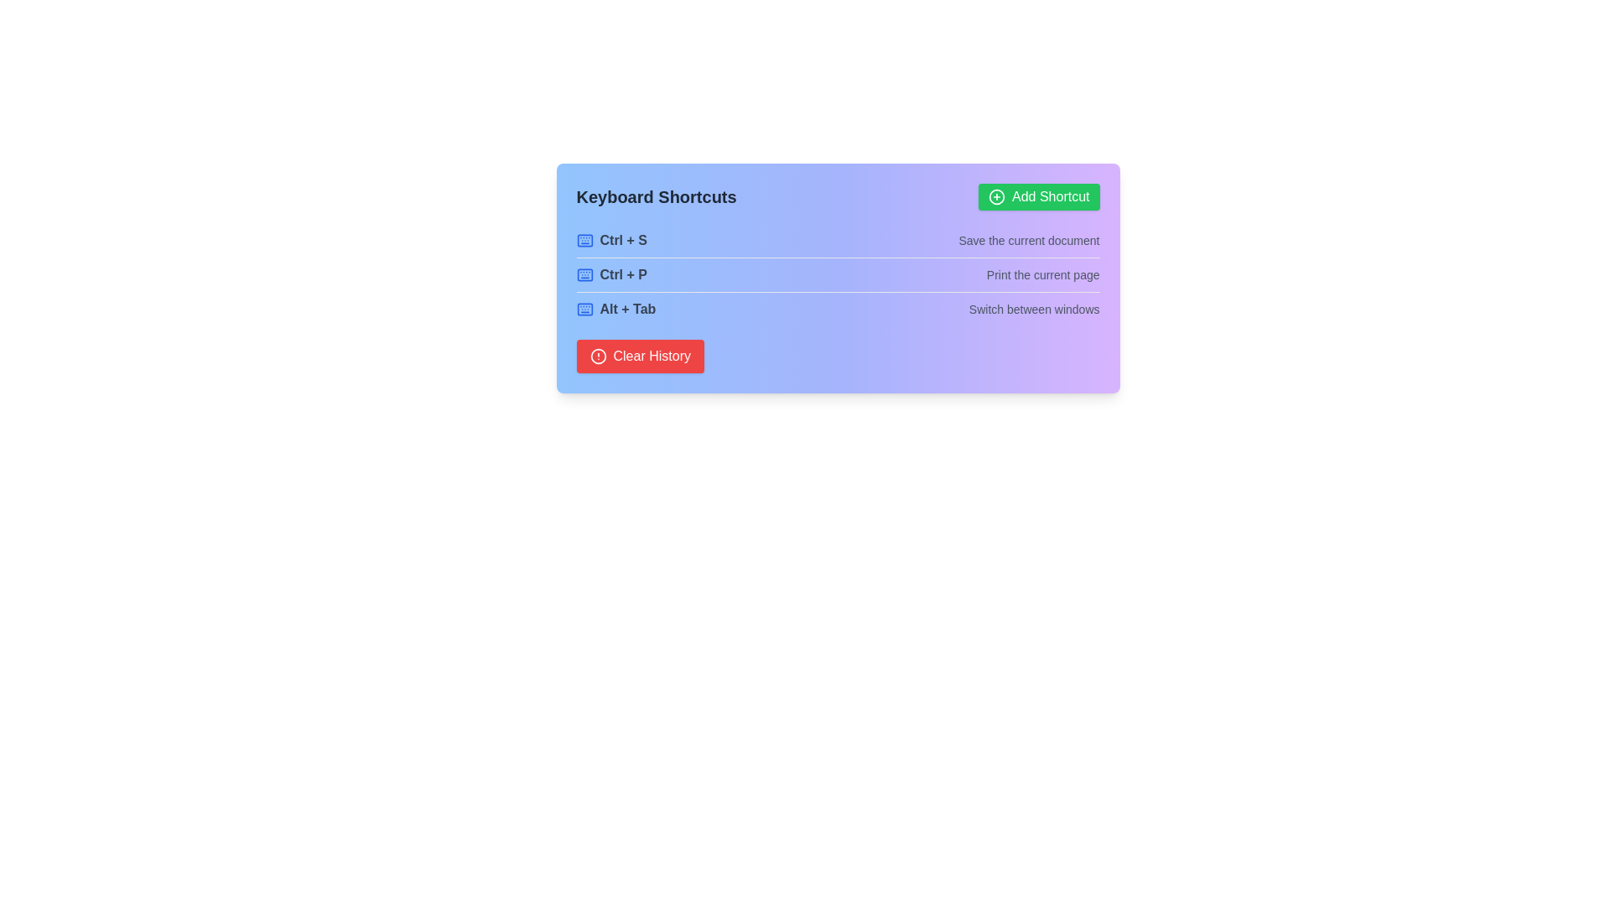 The image size is (1610, 906). Describe the element at coordinates (997, 196) in the screenshot. I see `the green circular outline of the '+' sign in the 'Add Shortcut' button located in the top-right section of the 'Keyboard Shortcuts' panel` at that location.